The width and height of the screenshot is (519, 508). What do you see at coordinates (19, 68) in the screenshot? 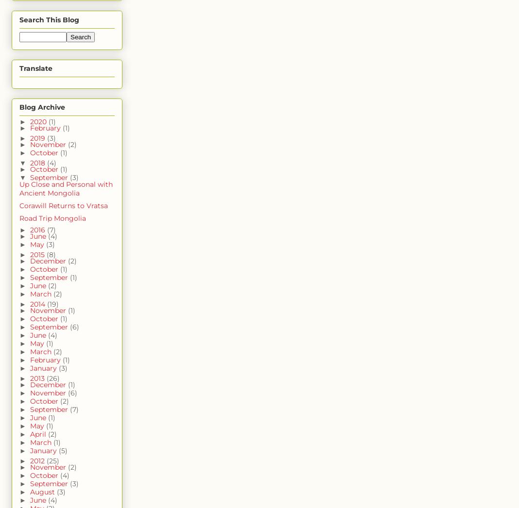
I see `'Translate'` at bounding box center [19, 68].